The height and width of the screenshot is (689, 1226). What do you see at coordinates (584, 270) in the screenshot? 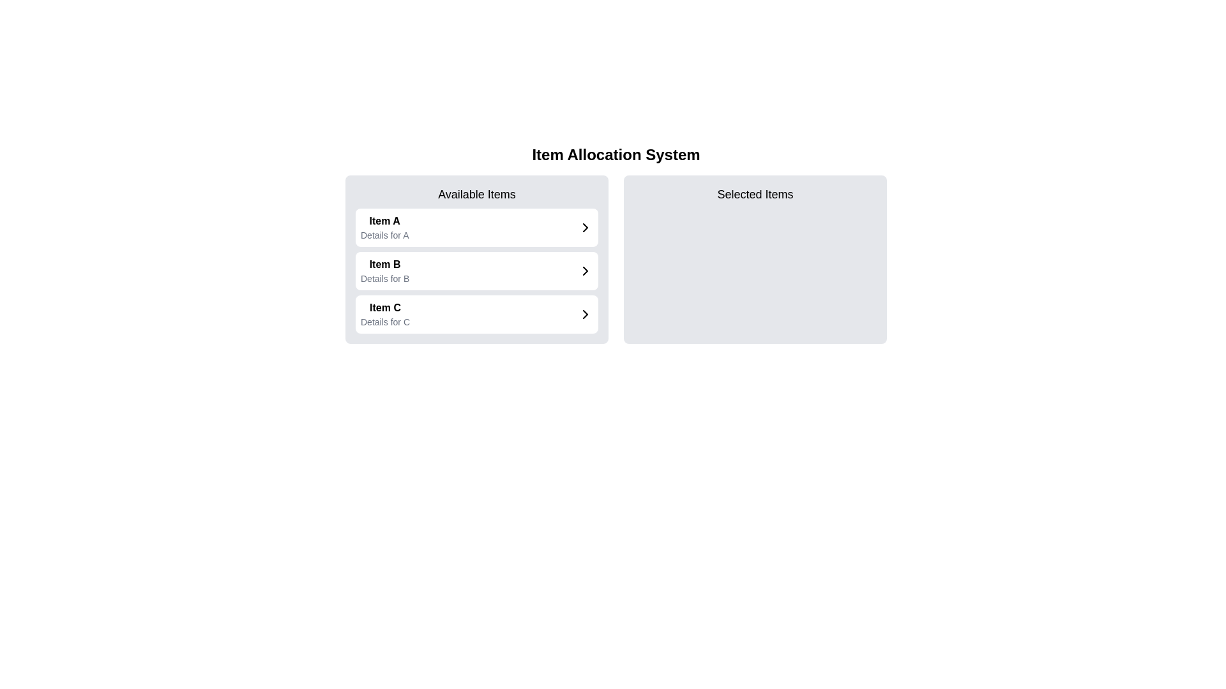
I see `the second chevron icon in the vertical list of interactive icons for 'Item B', located in the right column of the 'Available Items' section` at bounding box center [584, 270].